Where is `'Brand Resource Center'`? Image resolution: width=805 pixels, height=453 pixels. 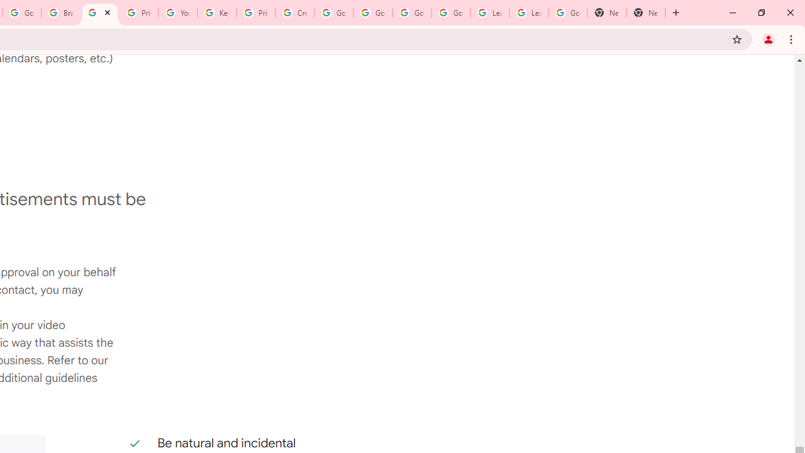
'Brand Resource Center' is located at coordinates (60, 13).